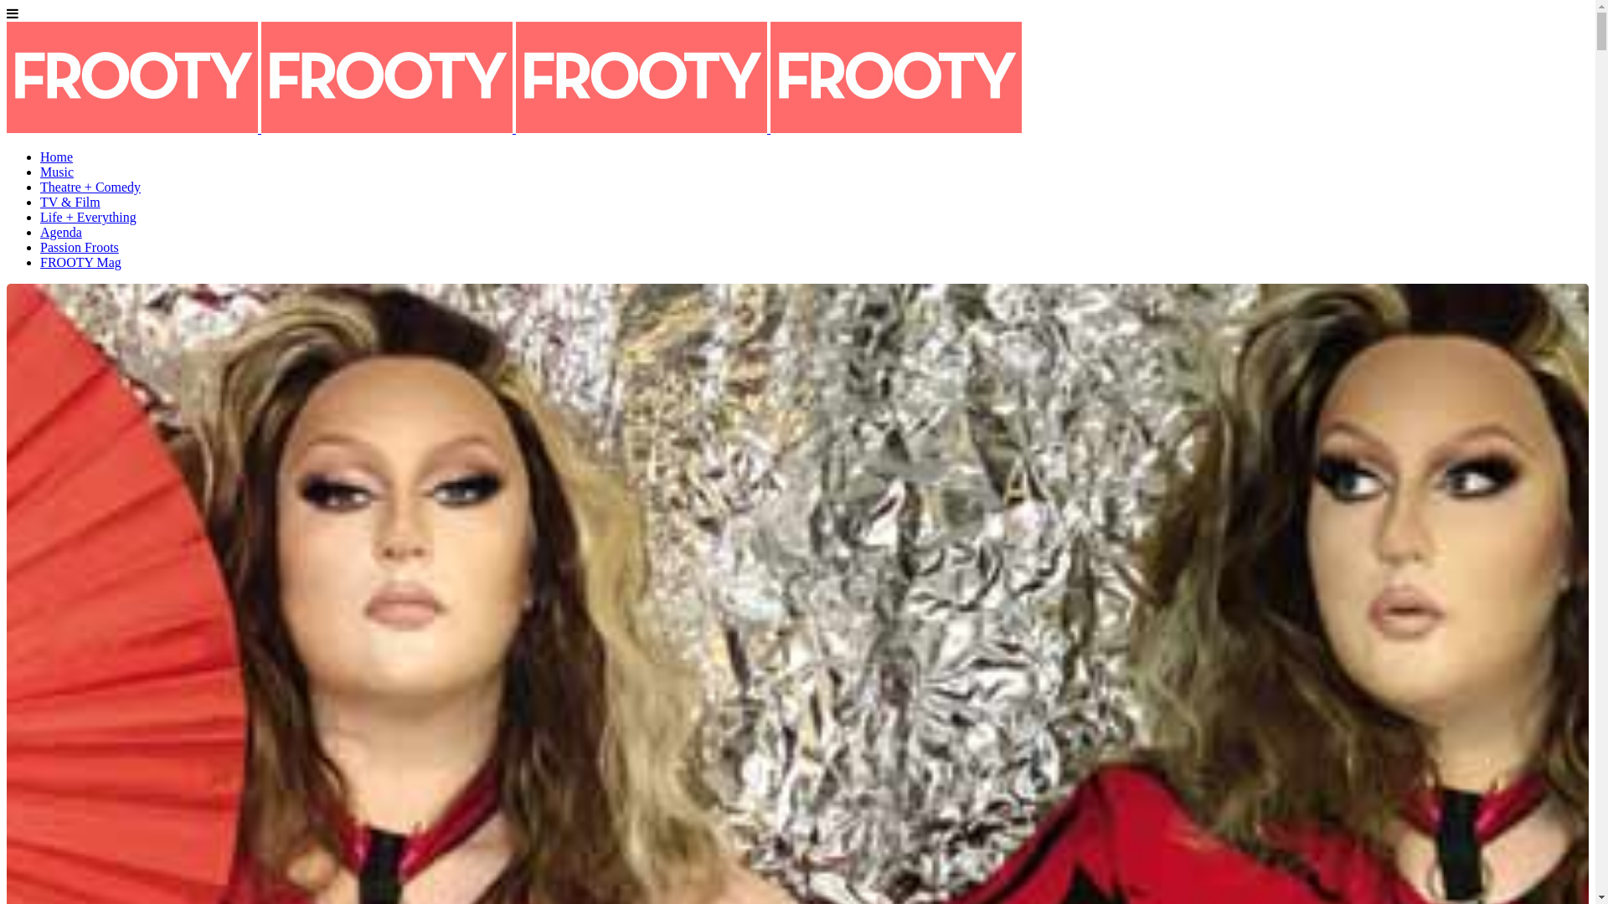 Image resolution: width=1608 pixels, height=904 pixels. What do you see at coordinates (7, 127) in the screenshot?
I see `'FROOTY'` at bounding box center [7, 127].